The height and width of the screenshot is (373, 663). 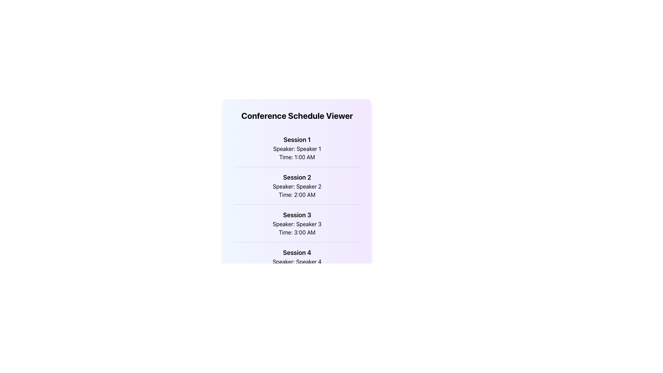 I want to click on the third session in the vertically-arranged 'Conference Schedule Viewer', which includes details such as session name, speaker, and scheduled time, so click(x=297, y=223).